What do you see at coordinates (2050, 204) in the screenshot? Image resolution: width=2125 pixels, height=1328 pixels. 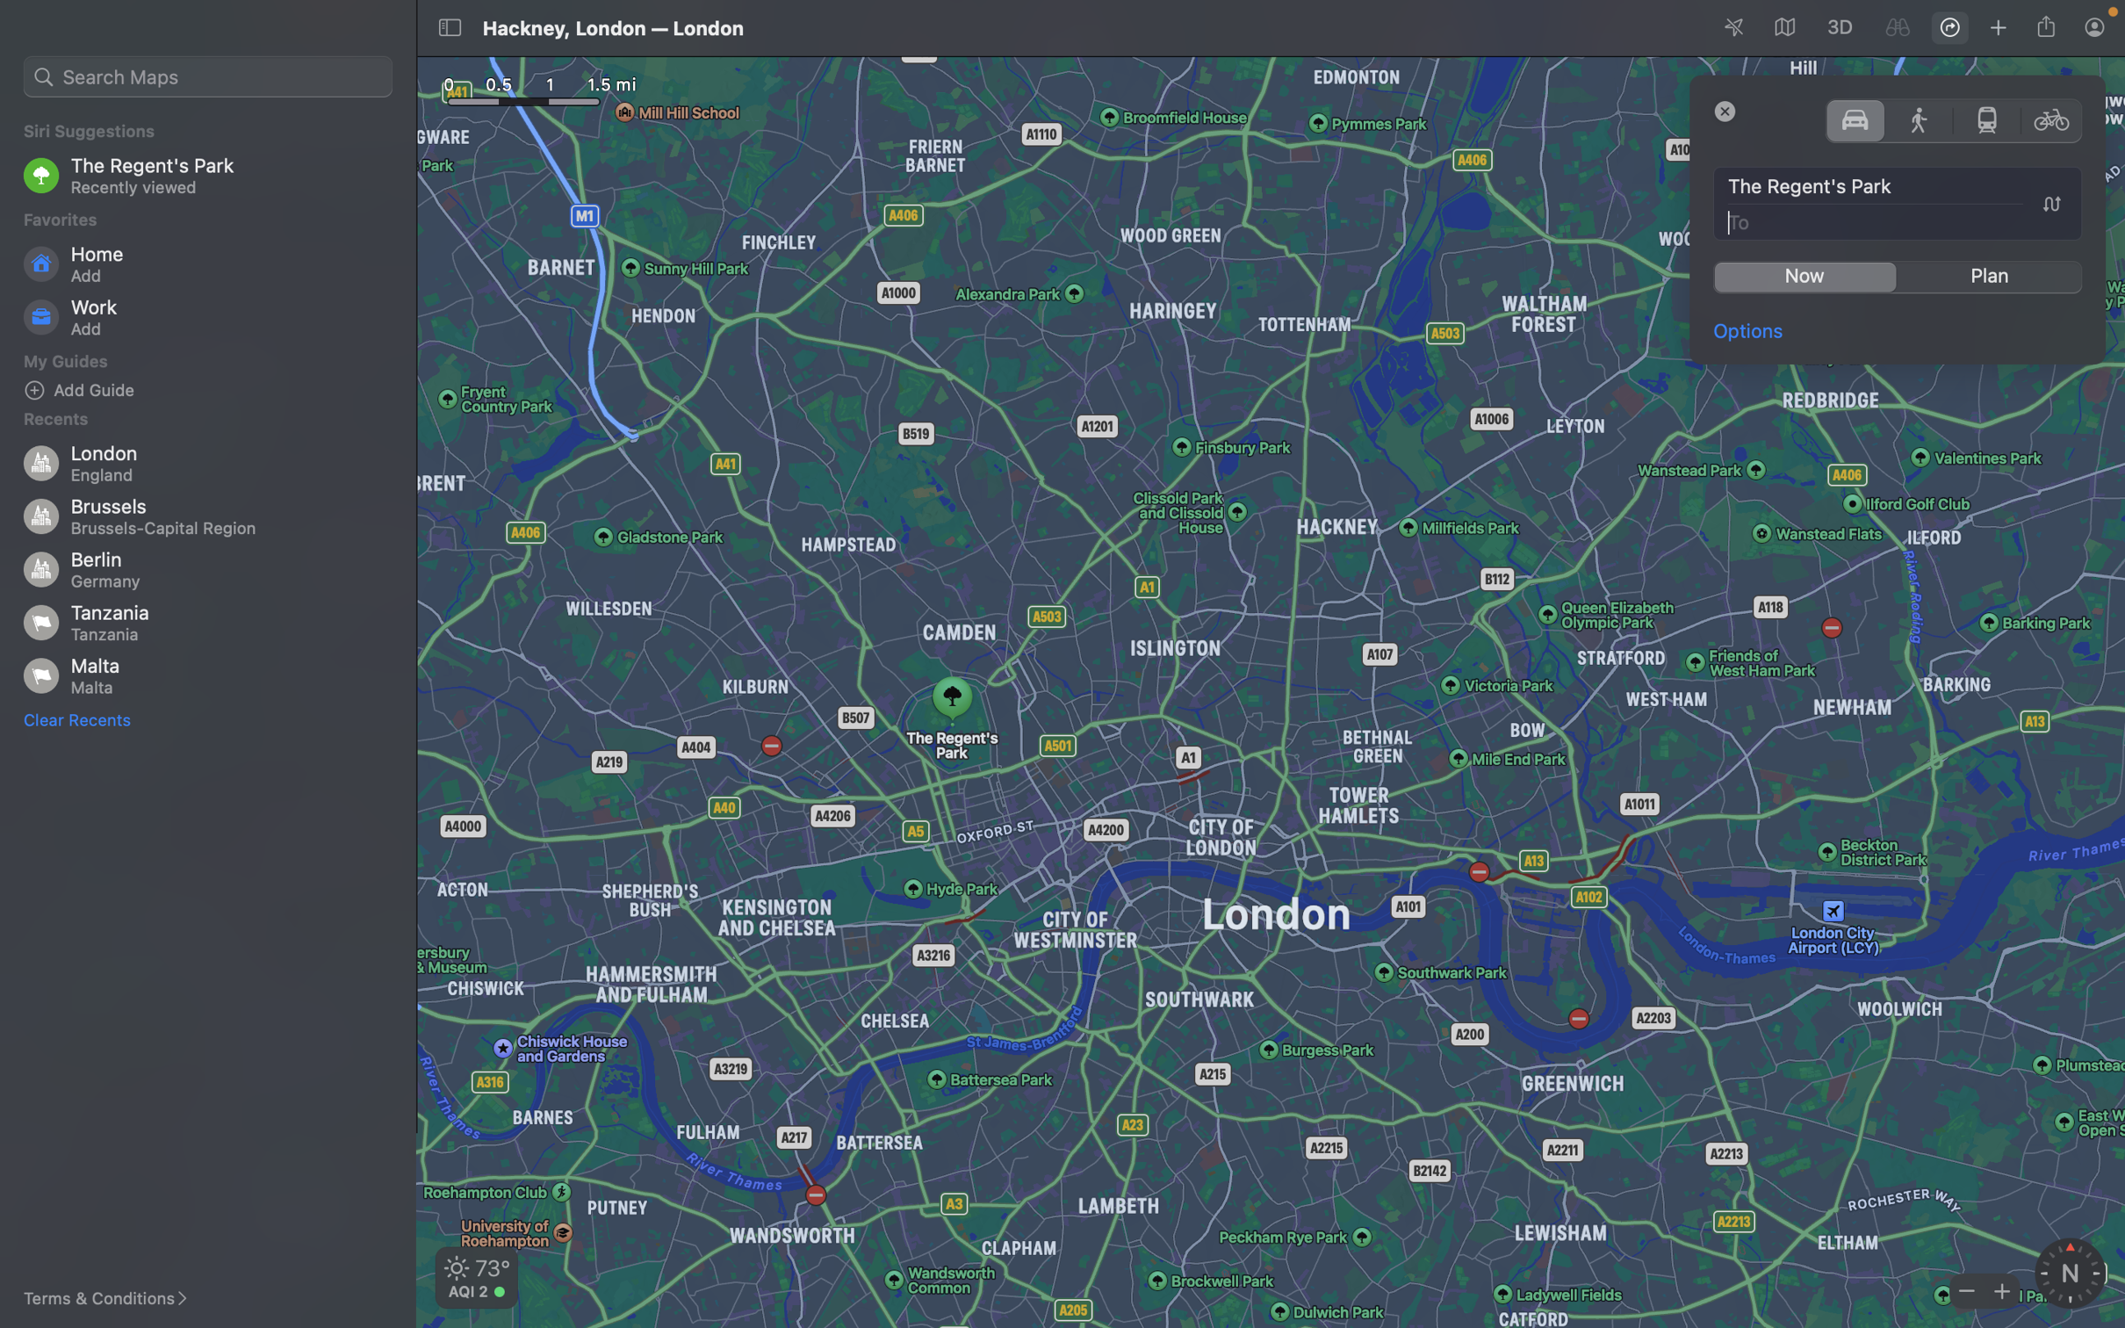 I see `Swap to source and destination locations in the direction window` at bounding box center [2050, 204].